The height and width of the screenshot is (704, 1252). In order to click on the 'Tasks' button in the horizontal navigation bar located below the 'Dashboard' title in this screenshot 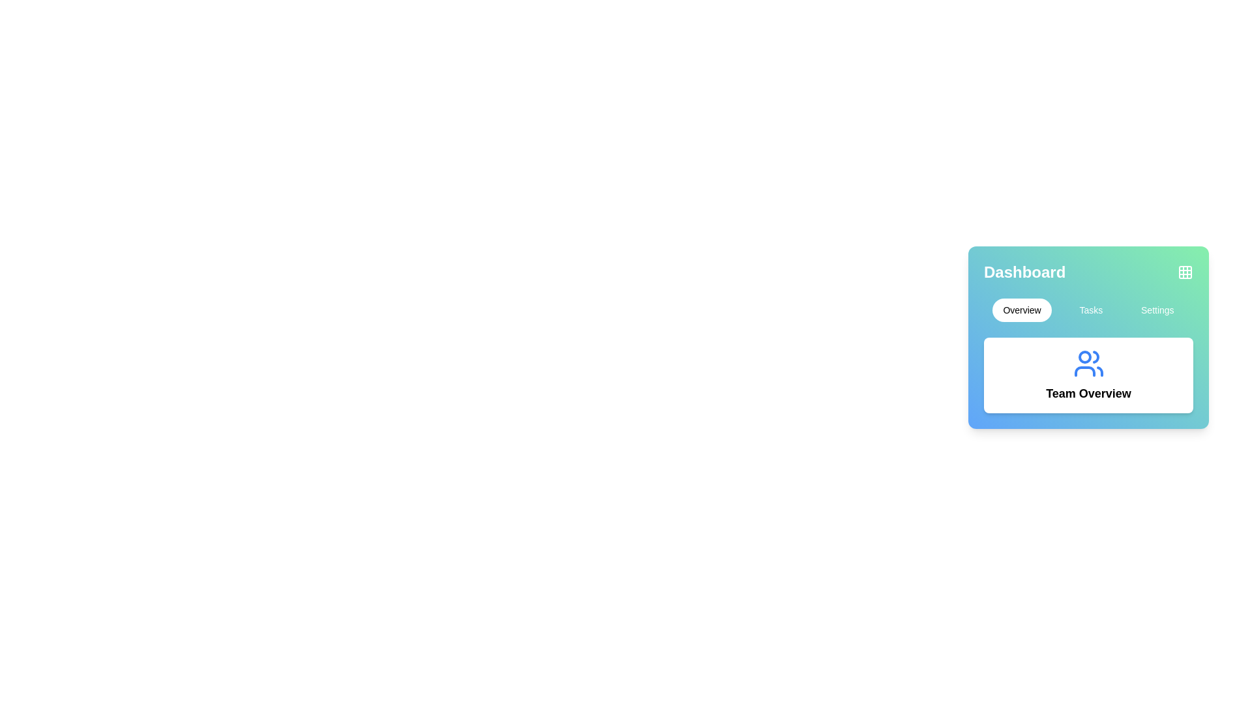, I will do `click(1088, 310)`.